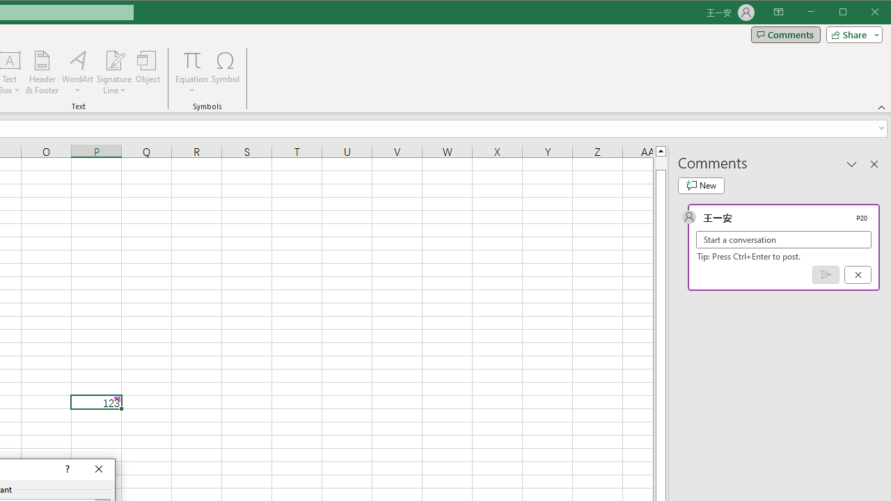 The width and height of the screenshot is (891, 501). Describe the element at coordinates (114, 59) in the screenshot. I see `'Signature Line'` at that location.